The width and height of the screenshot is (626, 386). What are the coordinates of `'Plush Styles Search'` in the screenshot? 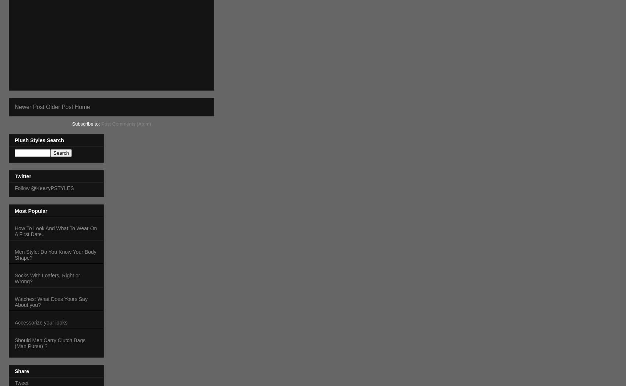 It's located at (14, 140).